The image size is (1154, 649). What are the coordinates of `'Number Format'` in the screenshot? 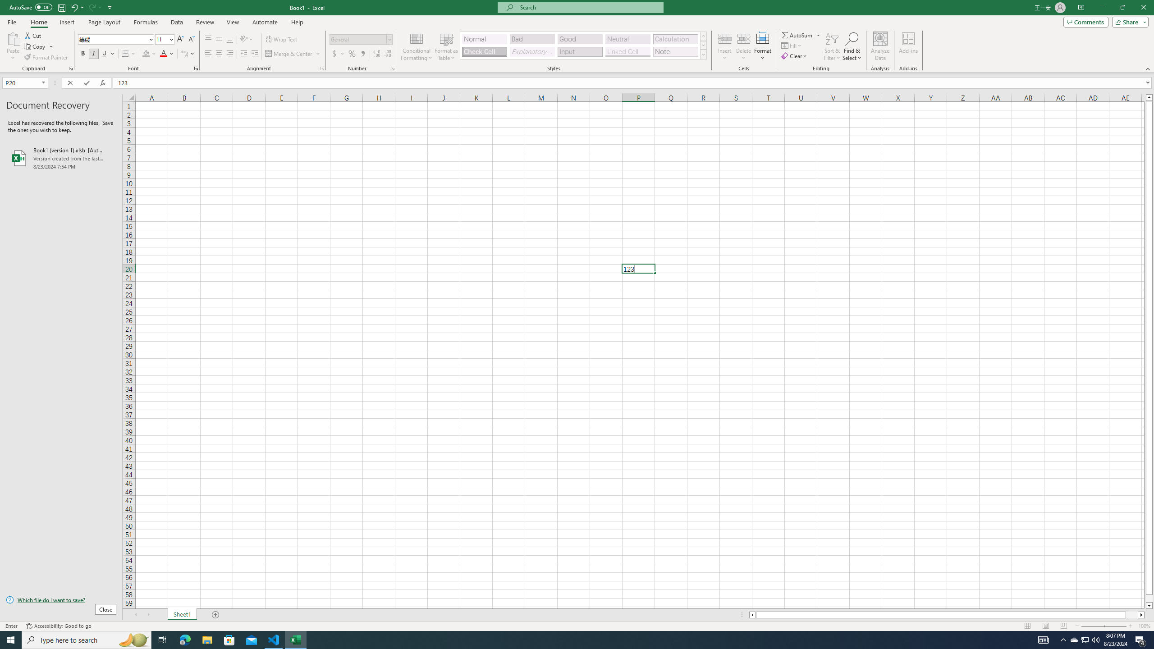 It's located at (358, 39).